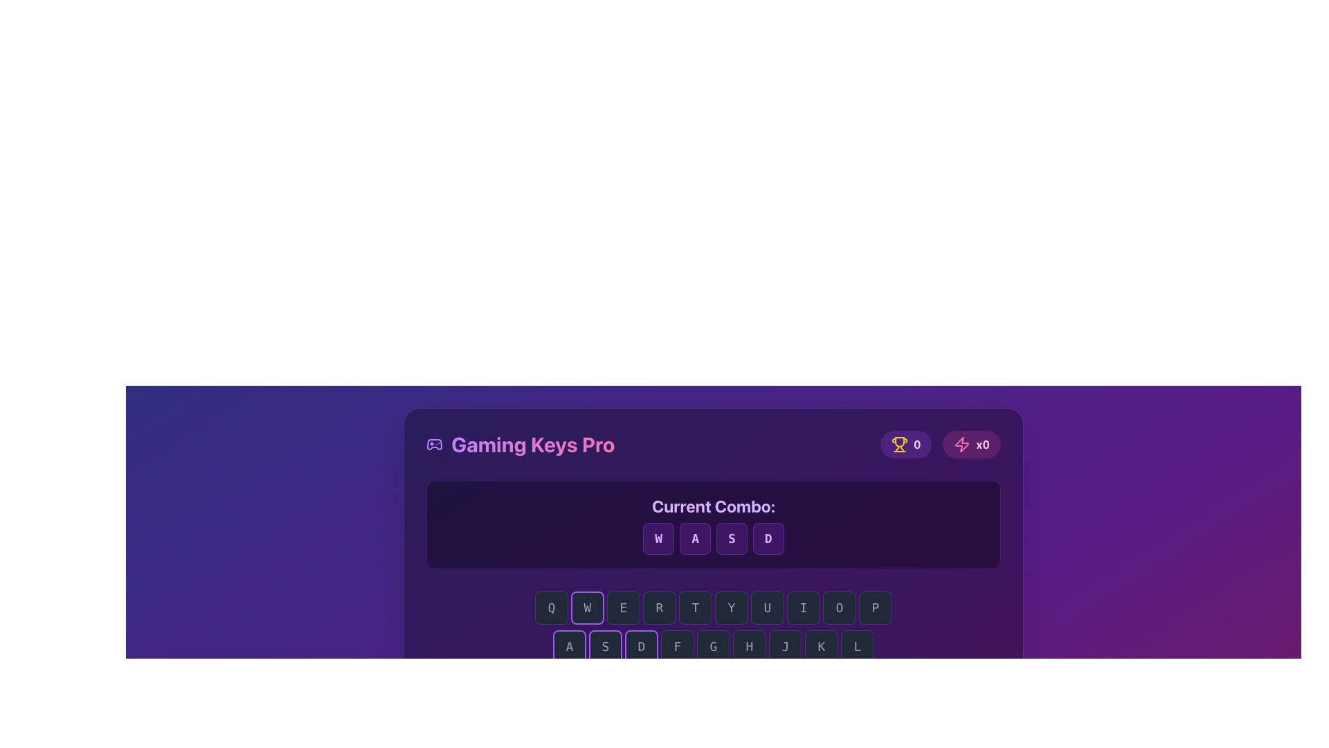 This screenshot has width=1329, height=748. Describe the element at coordinates (961, 444) in the screenshot. I see `the pink lightning bolt icon, which is the leftmost element in a horizontal layout of three items, styled with rounded edges` at that location.